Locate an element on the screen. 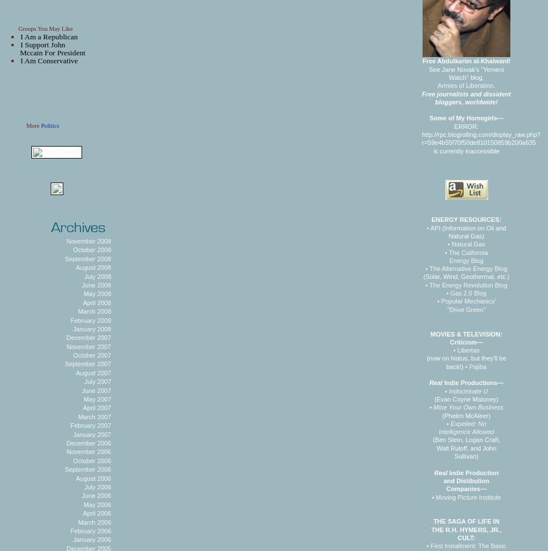 The height and width of the screenshot is (551, 548). '• API' is located at coordinates (432, 227).